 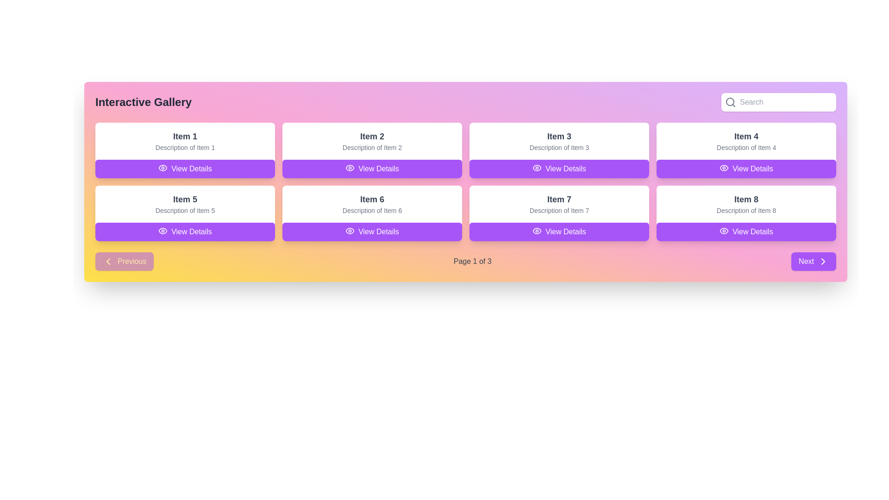 I want to click on the static text label that reads 'Description of Item 5', which is styled in a small, light gray font and positioned beneath the main title 'Item 5', so click(x=185, y=211).